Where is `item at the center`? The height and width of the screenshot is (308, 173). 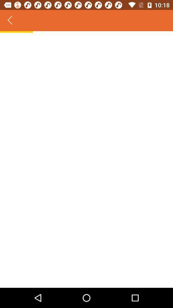
item at the center is located at coordinates (86, 160).